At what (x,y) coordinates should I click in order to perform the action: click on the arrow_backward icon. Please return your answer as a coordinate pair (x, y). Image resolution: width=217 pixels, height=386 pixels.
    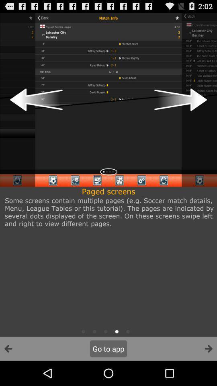
    Looking at the image, I should click on (8, 373).